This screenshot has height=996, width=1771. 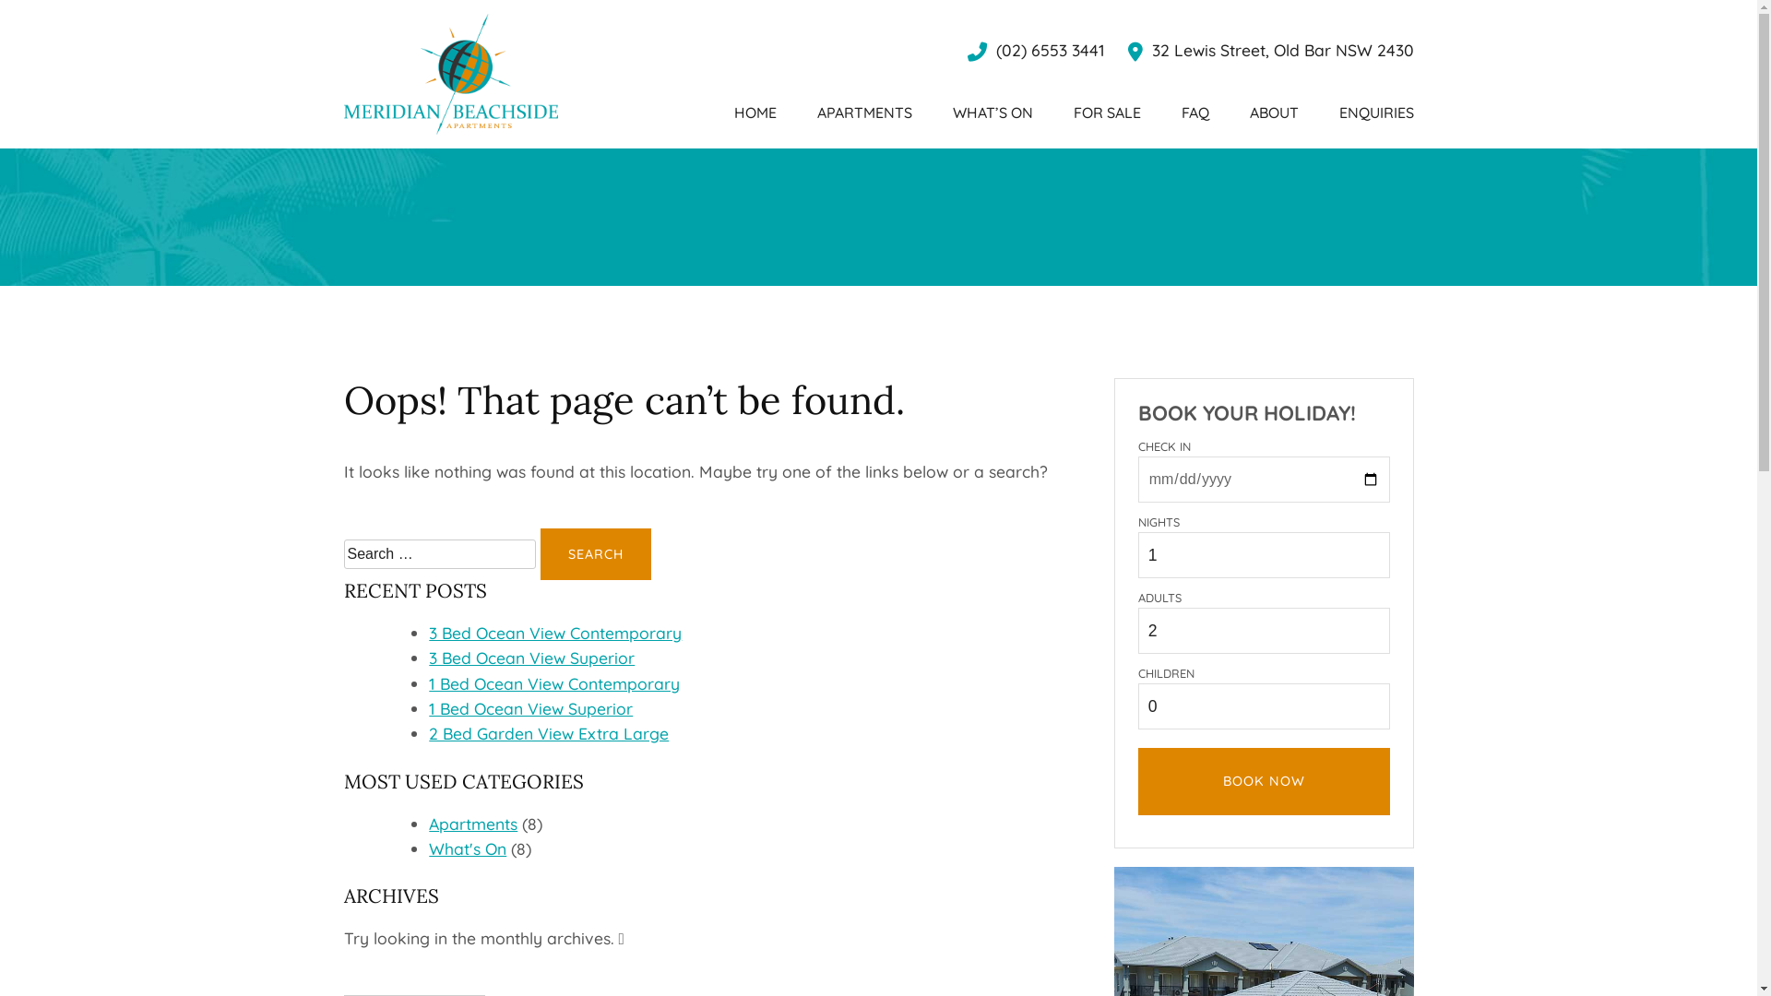 I want to click on '1 Bed Ocean View Contemporary', so click(x=553, y=682).